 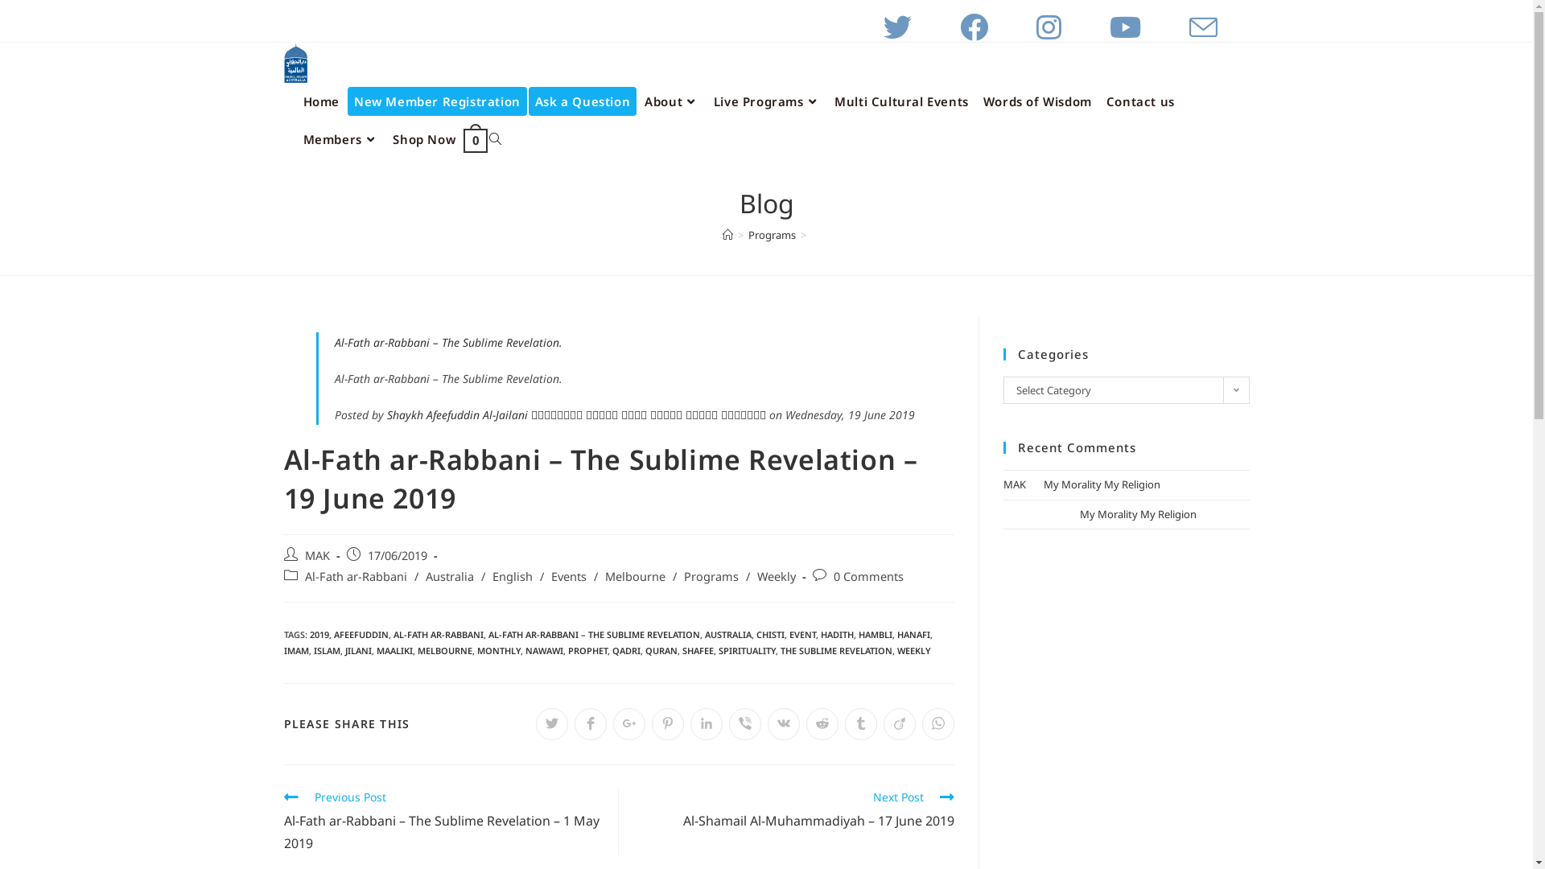 What do you see at coordinates (637, 101) in the screenshot?
I see `'About'` at bounding box center [637, 101].